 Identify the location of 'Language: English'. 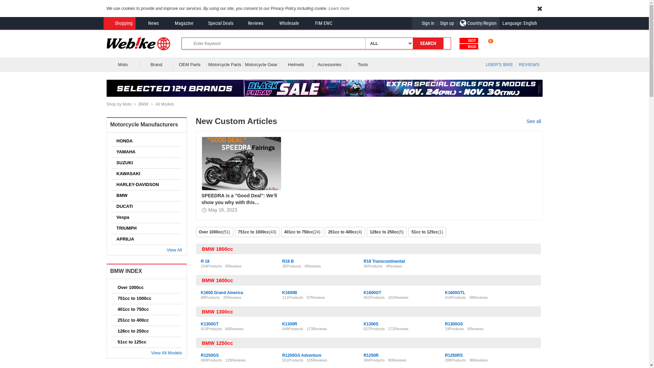
(499, 23).